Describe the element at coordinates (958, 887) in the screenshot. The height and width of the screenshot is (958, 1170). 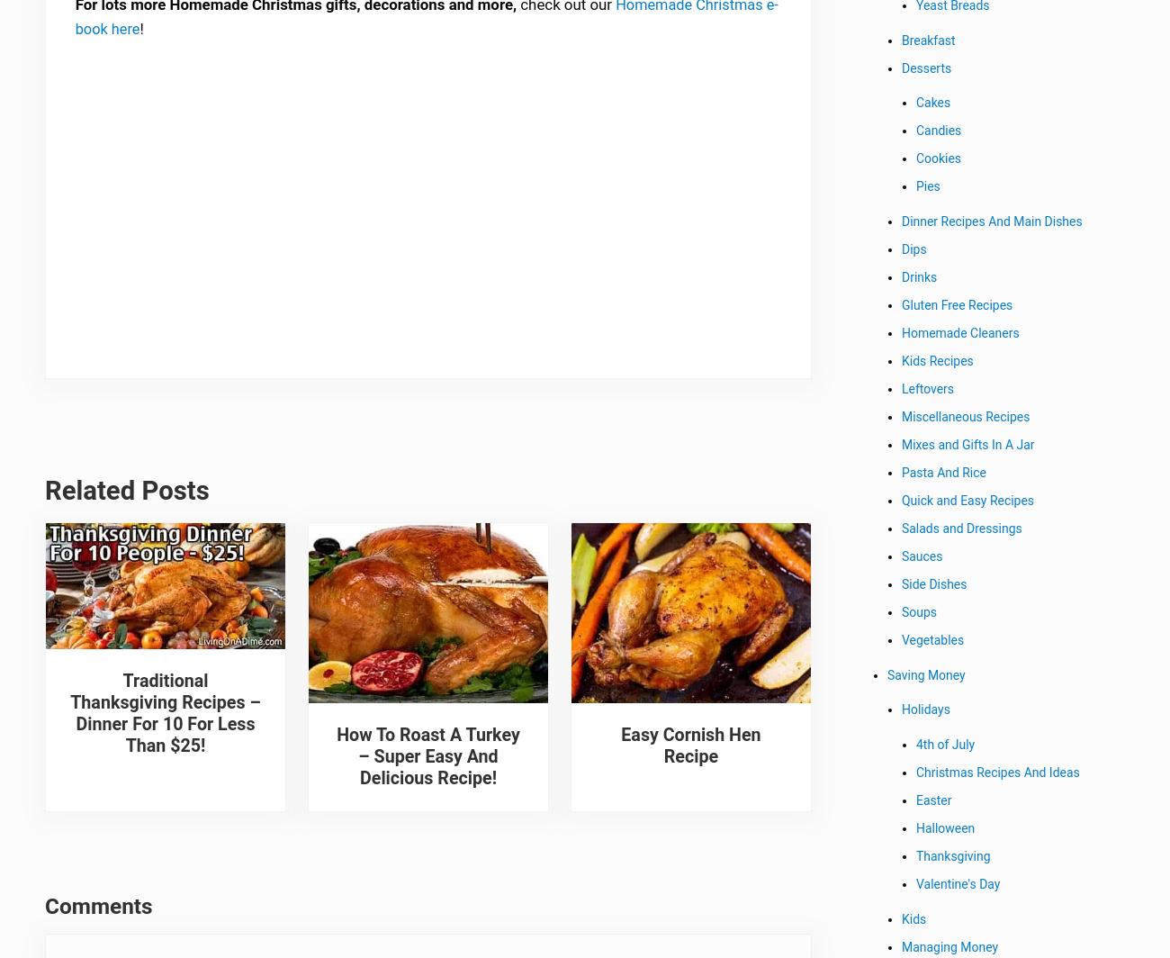
I see `'Valentine's Day'` at that location.